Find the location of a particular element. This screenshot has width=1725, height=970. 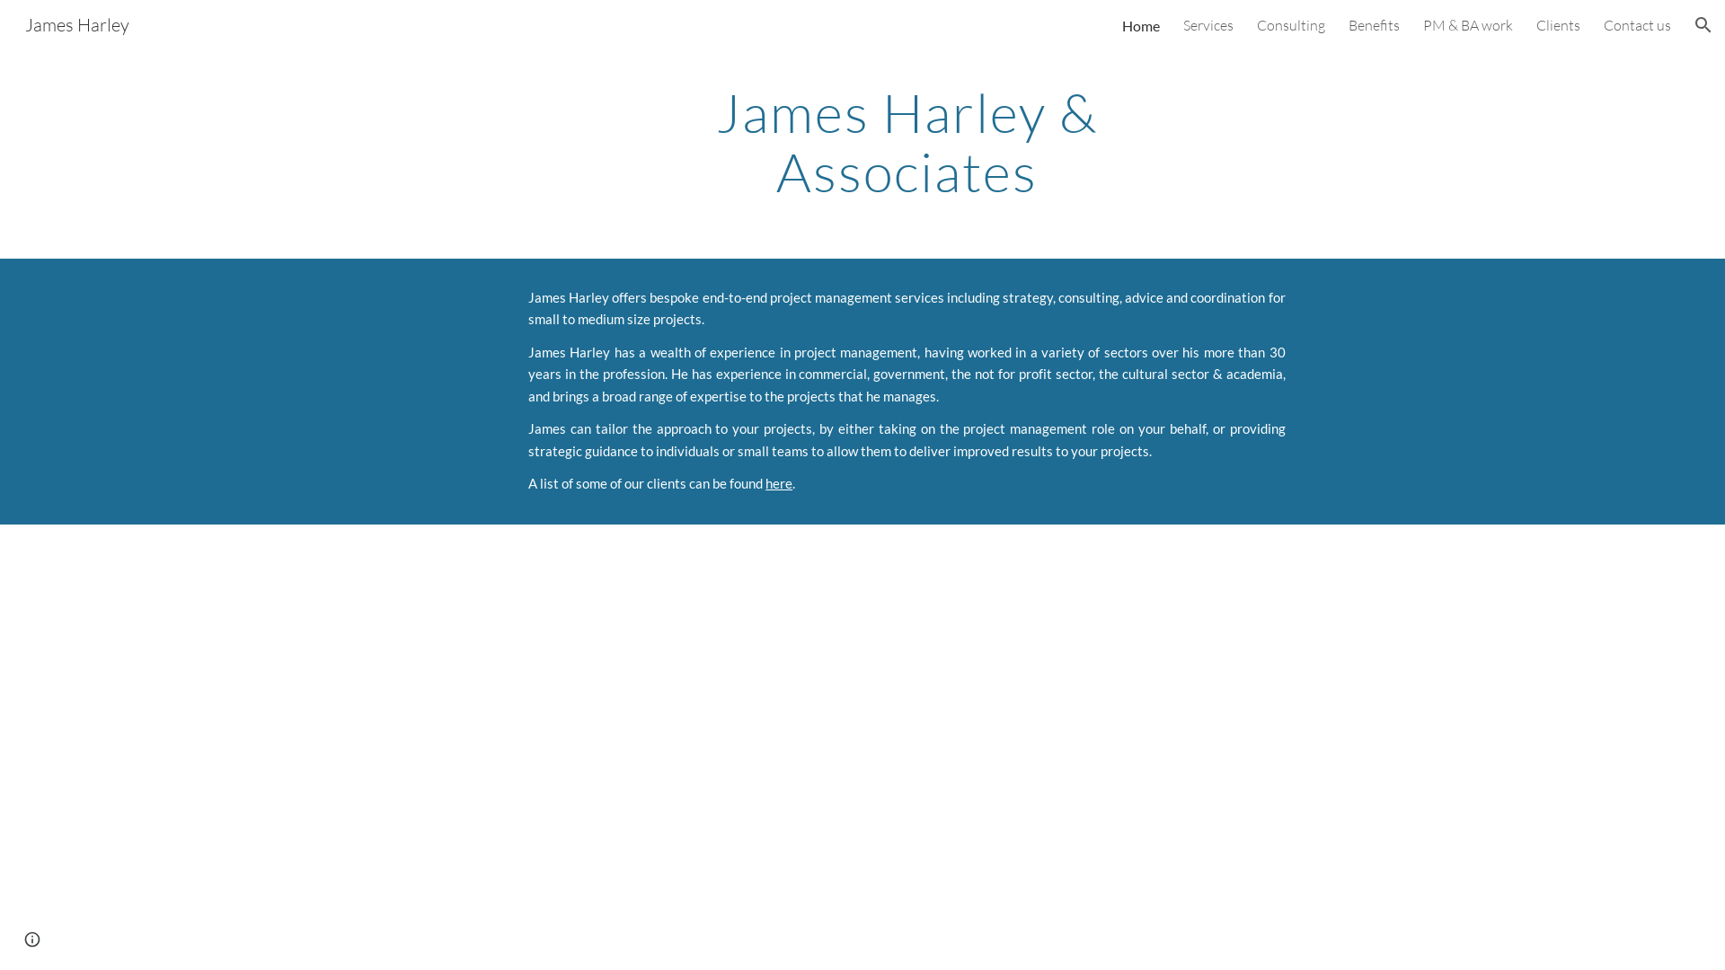

'PM & BA work' is located at coordinates (1467, 24).